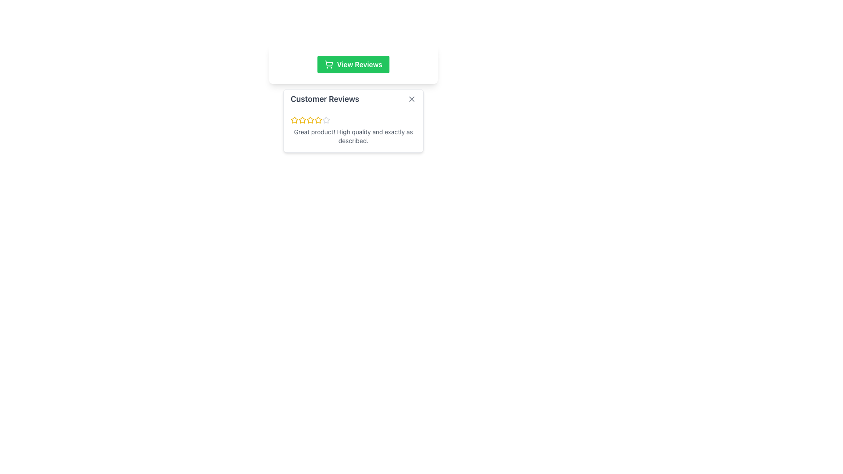  What do you see at coordinates (411, 99) in the screenshot?
I see `the close button located in the upper-right corner of the 'Customer Reviews' section` at bounding box center [411, 99].